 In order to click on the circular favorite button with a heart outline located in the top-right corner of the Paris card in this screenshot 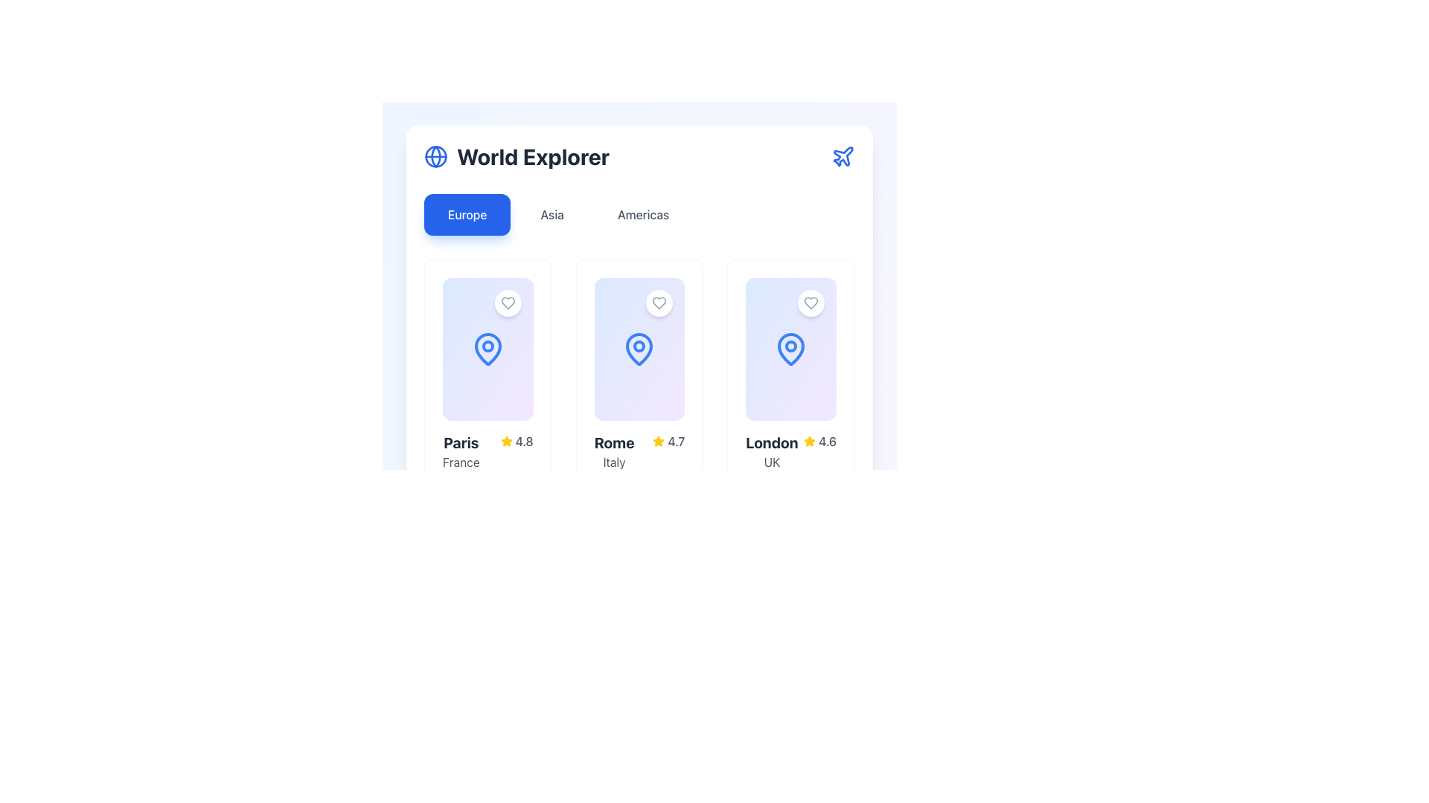, I will do `click(508, 303)`.